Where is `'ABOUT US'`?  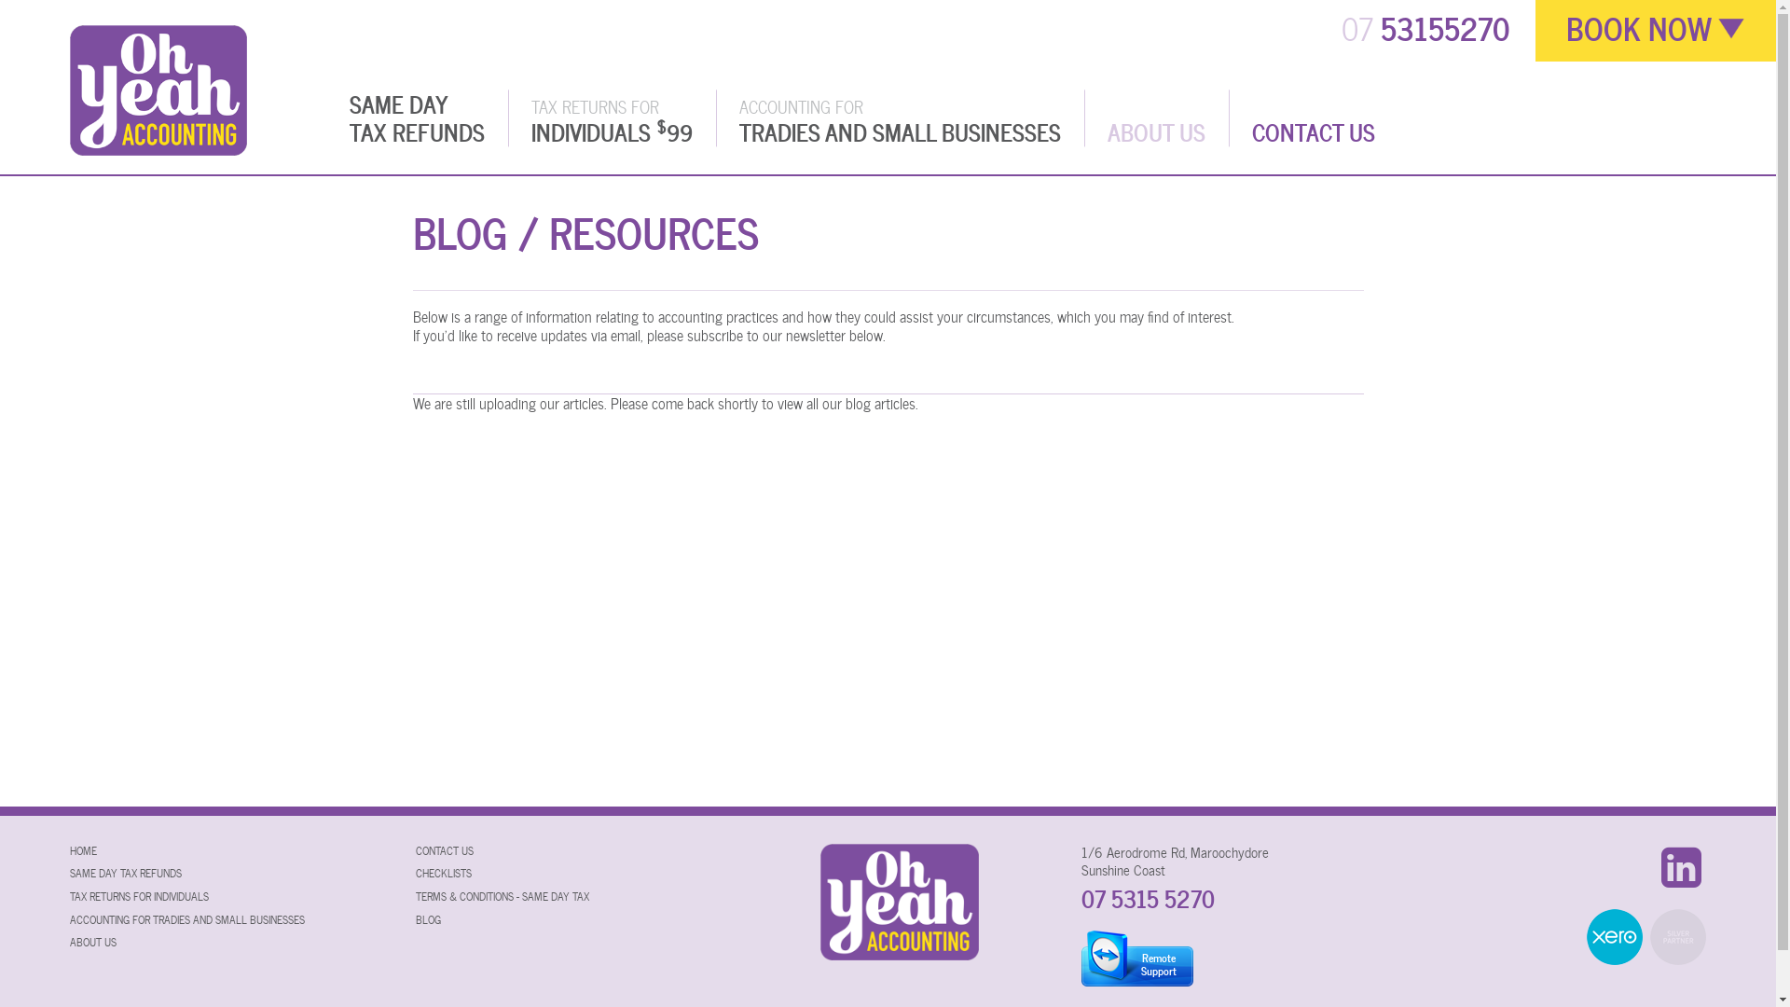
'ABOUT US' is located at coordinates (1154, 131).